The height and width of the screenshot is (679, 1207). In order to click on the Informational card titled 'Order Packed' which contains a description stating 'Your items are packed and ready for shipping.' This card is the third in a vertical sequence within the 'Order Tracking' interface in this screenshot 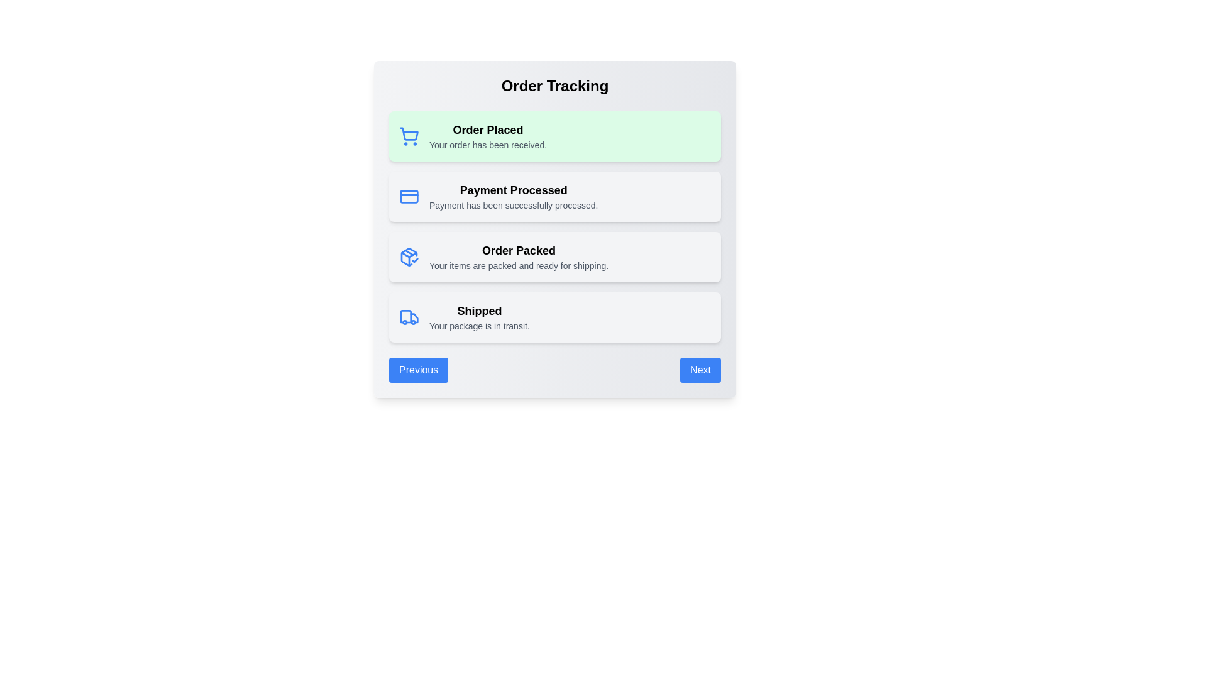, I will do `click(554, 229)`.